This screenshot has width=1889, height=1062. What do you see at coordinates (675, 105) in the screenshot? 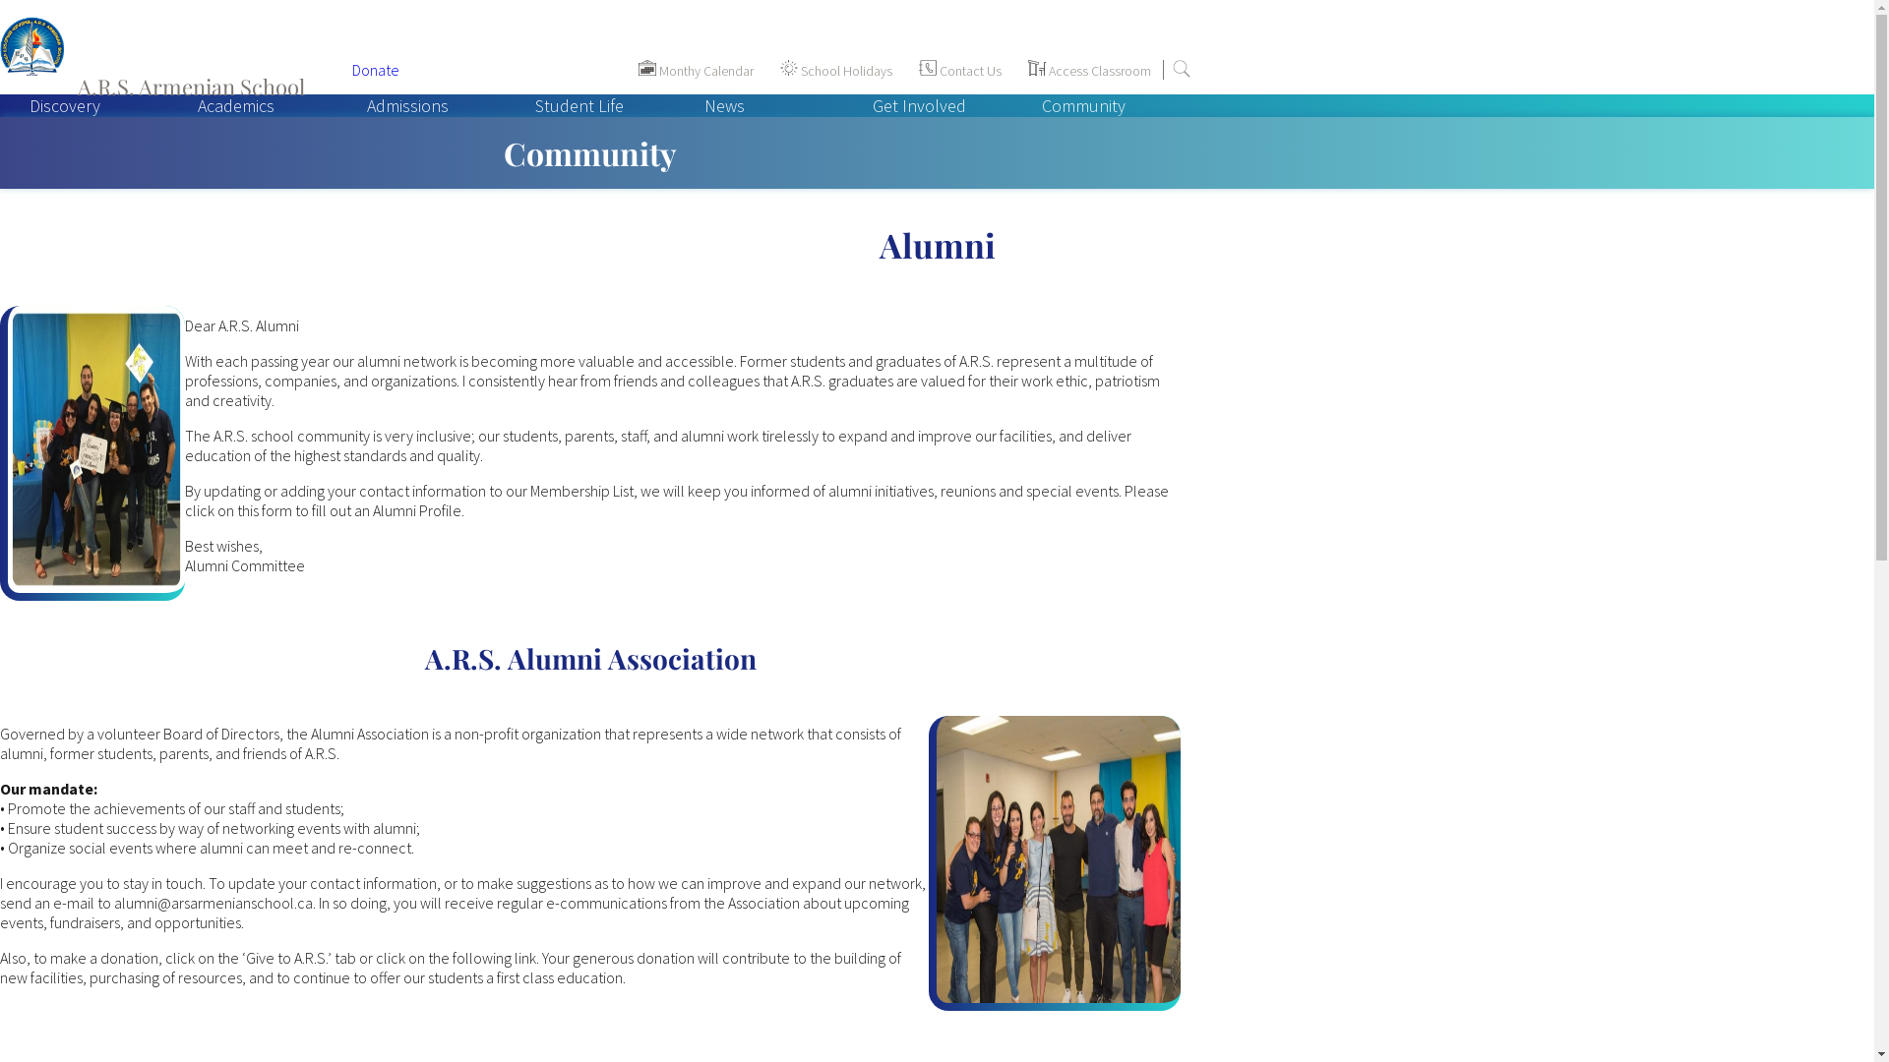
I see `'News'` at bounding box center [675, 105].